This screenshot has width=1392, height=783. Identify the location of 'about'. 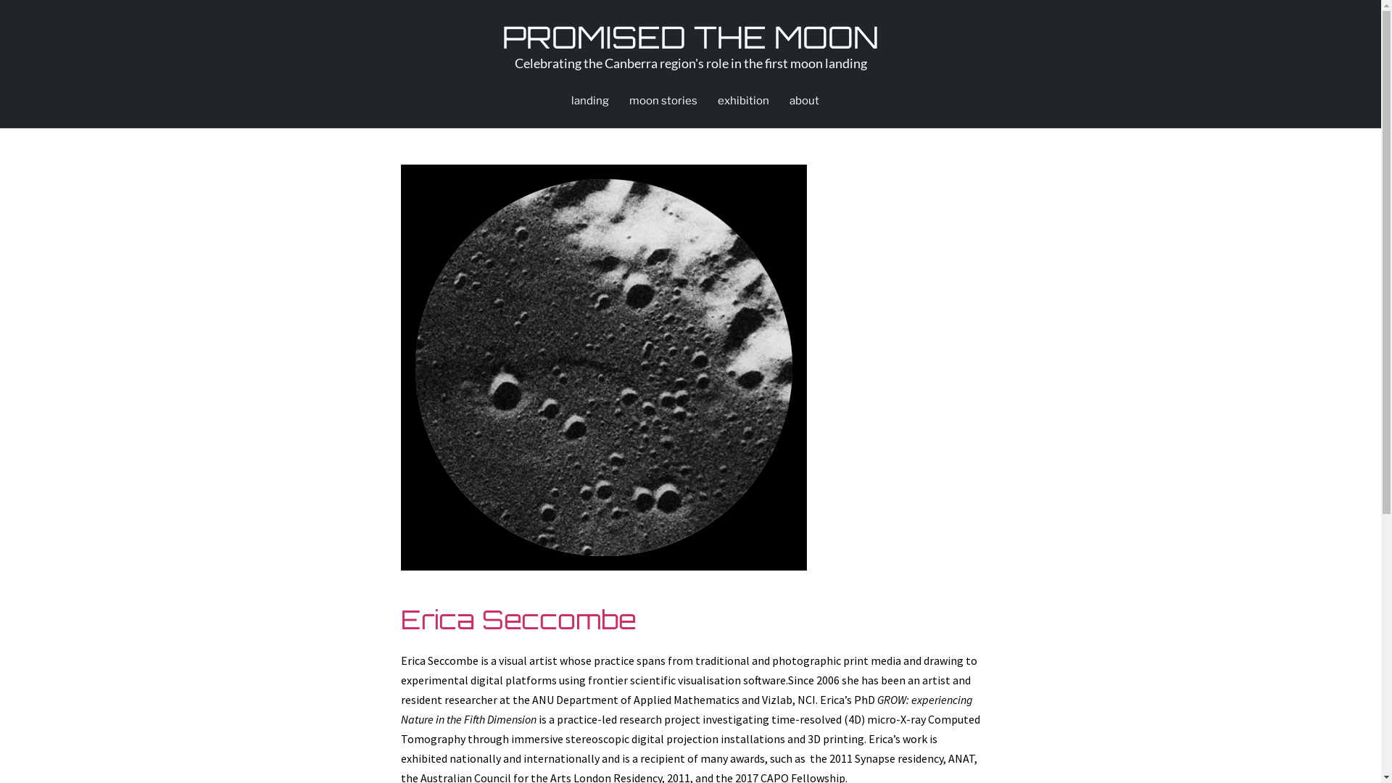
(803, 99).